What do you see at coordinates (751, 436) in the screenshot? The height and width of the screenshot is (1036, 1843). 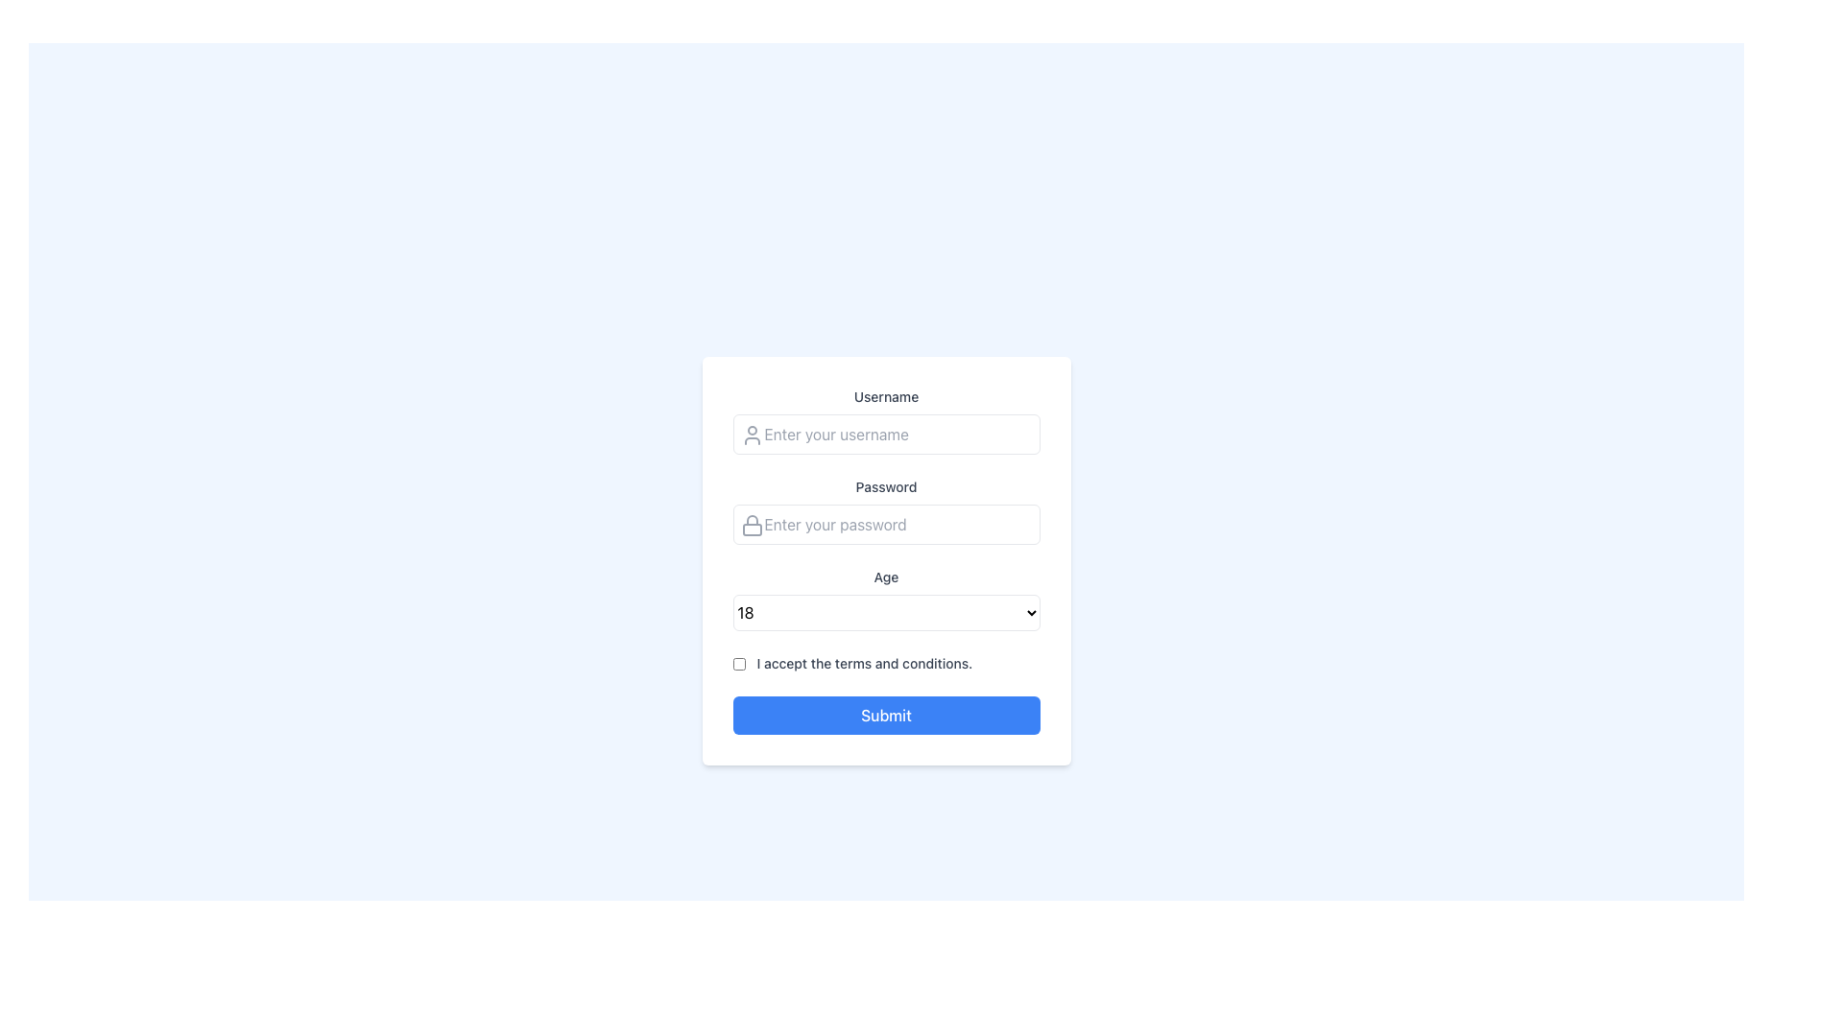 I see `the decorative icon that visually indicates the username text field, positioned in the top-left corner of the username input field` at bounding box center [751, 436].